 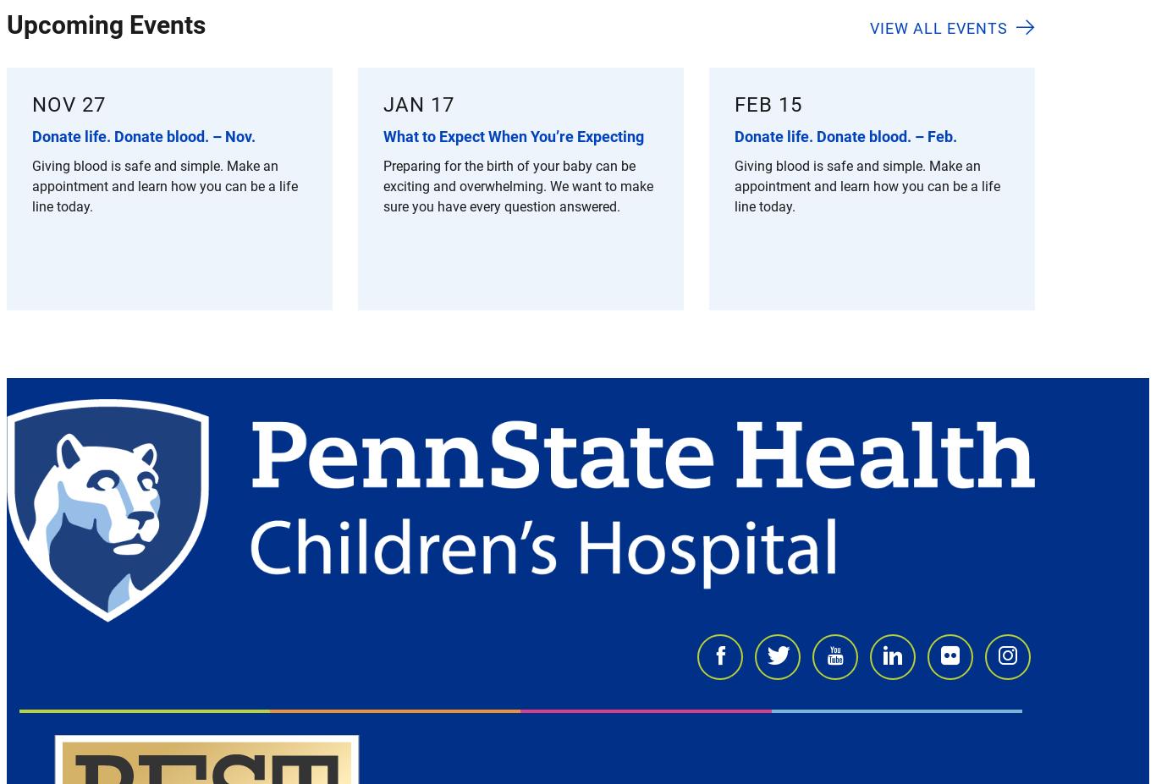 I want to click on 'Nov 27', so click(x=69, y=104).